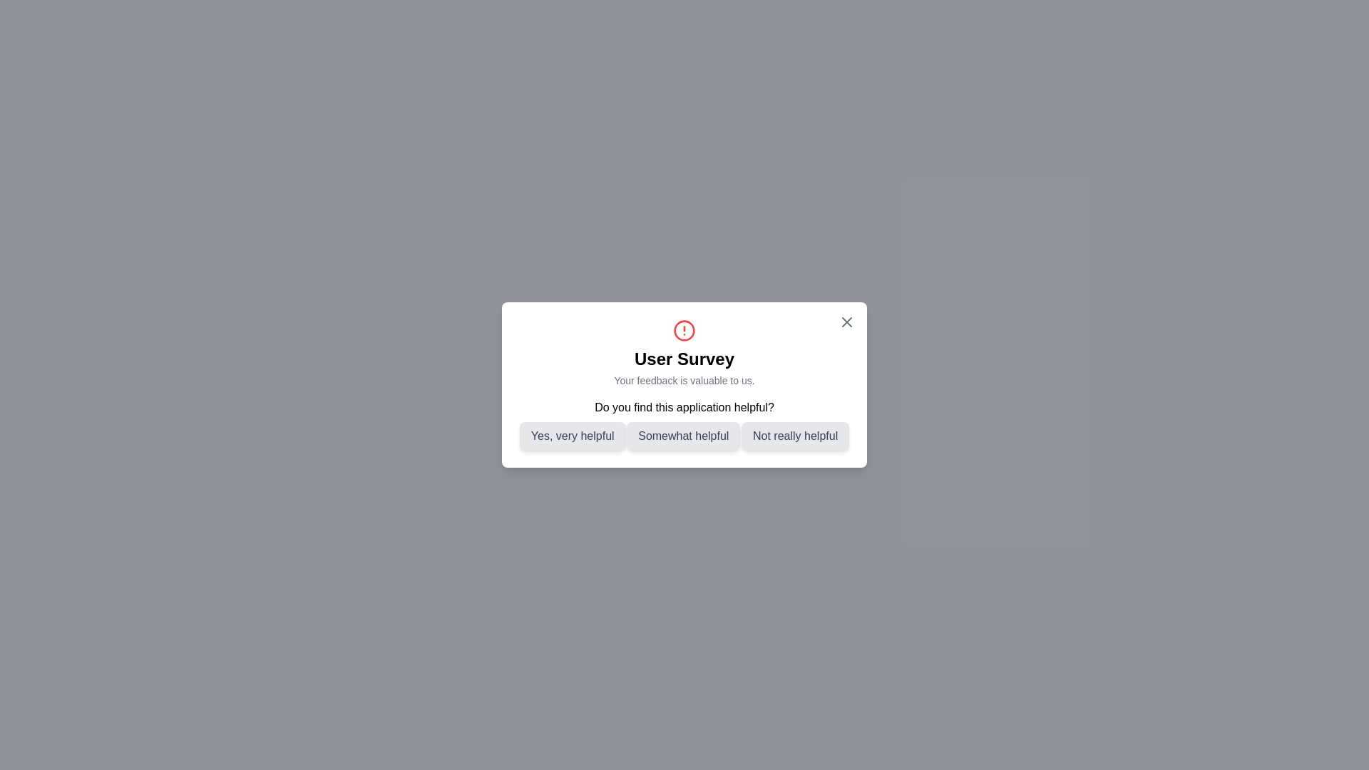  What do you see at coordinates (794, 436) in the screenshot?
I see `the feedback button that indicates the application is not very helpful in the pop-up survey window to change its background color` at bounding box center [794, 436].